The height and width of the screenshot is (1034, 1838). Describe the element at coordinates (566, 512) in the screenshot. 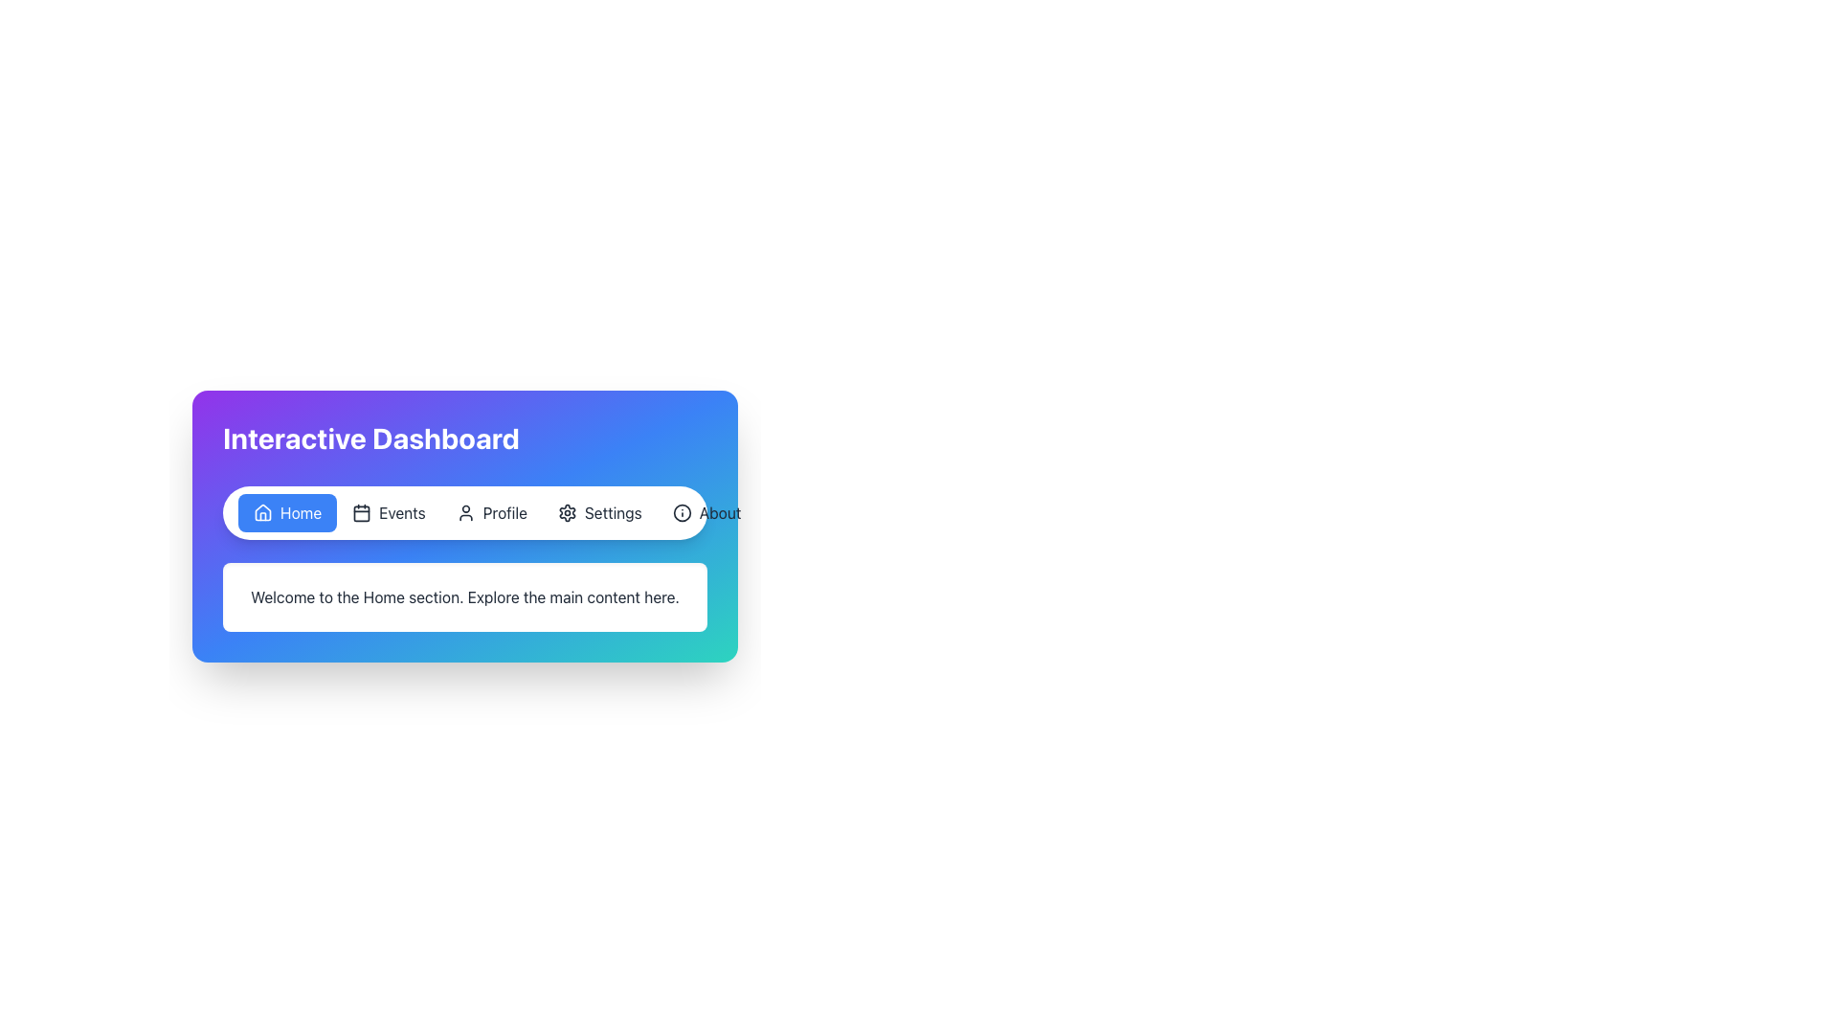

I see `the 'Settings' button icon located fourth from the left in the horizontal navigation bar` at that location.